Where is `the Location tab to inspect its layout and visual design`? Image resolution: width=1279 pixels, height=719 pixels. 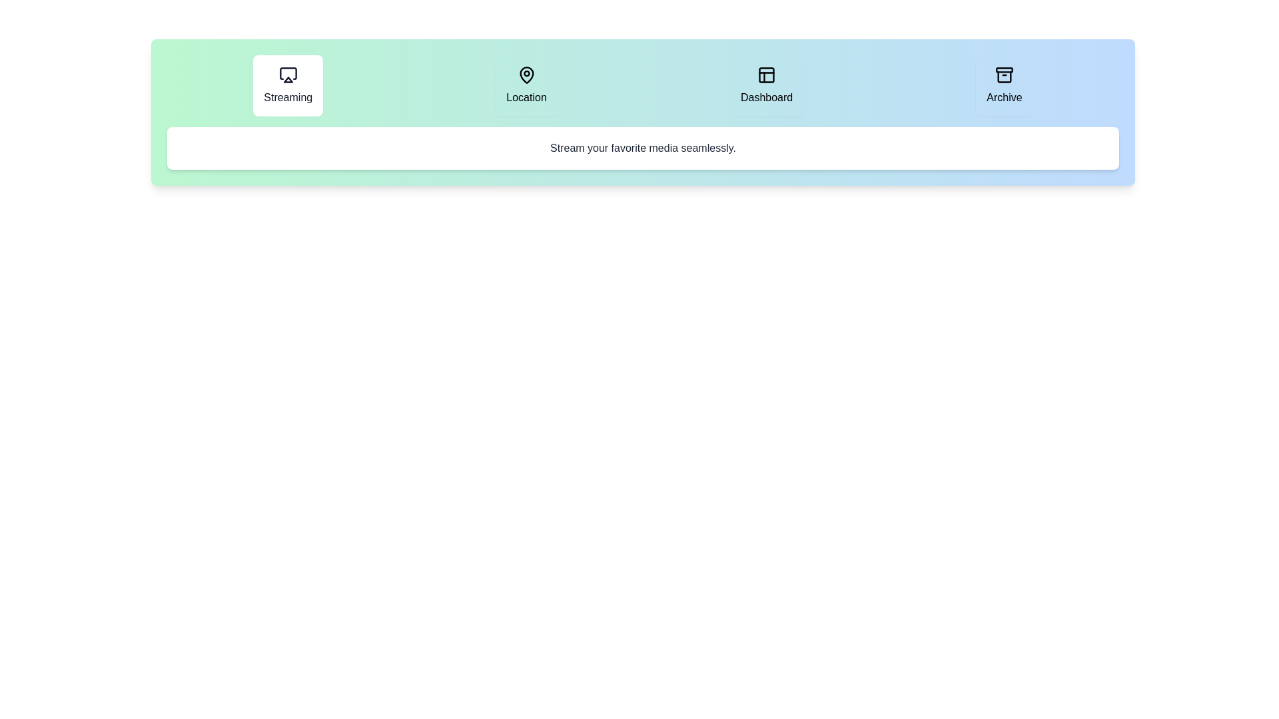 the Location tab to inspect its layout and visual design is located at coordinates (526, 85).